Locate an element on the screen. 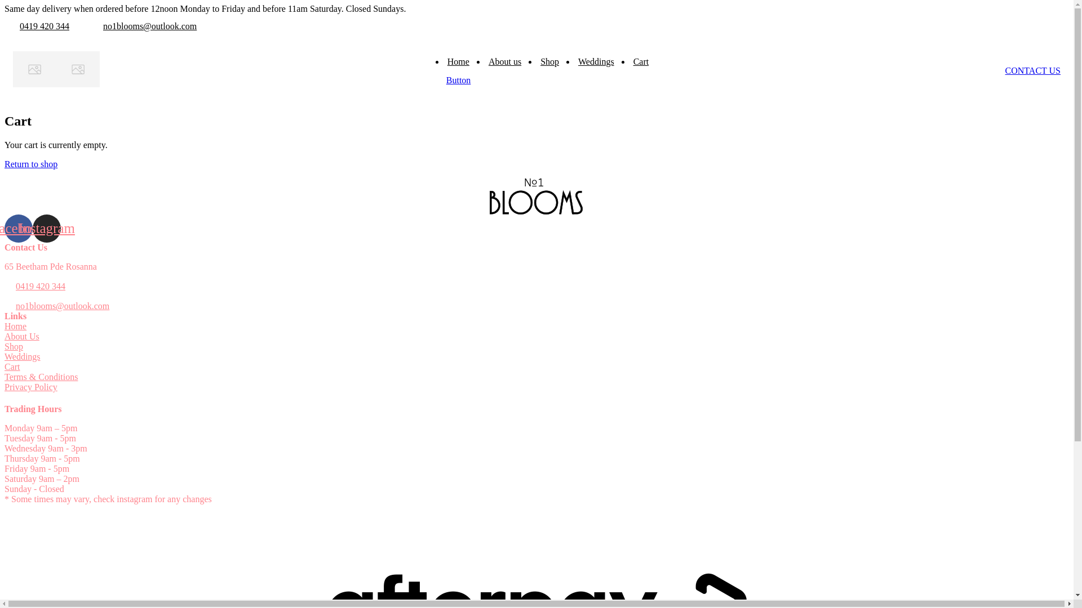 This screenshot has width=1082, height=608. 'Weddings' is located at coordinates (595, 61).